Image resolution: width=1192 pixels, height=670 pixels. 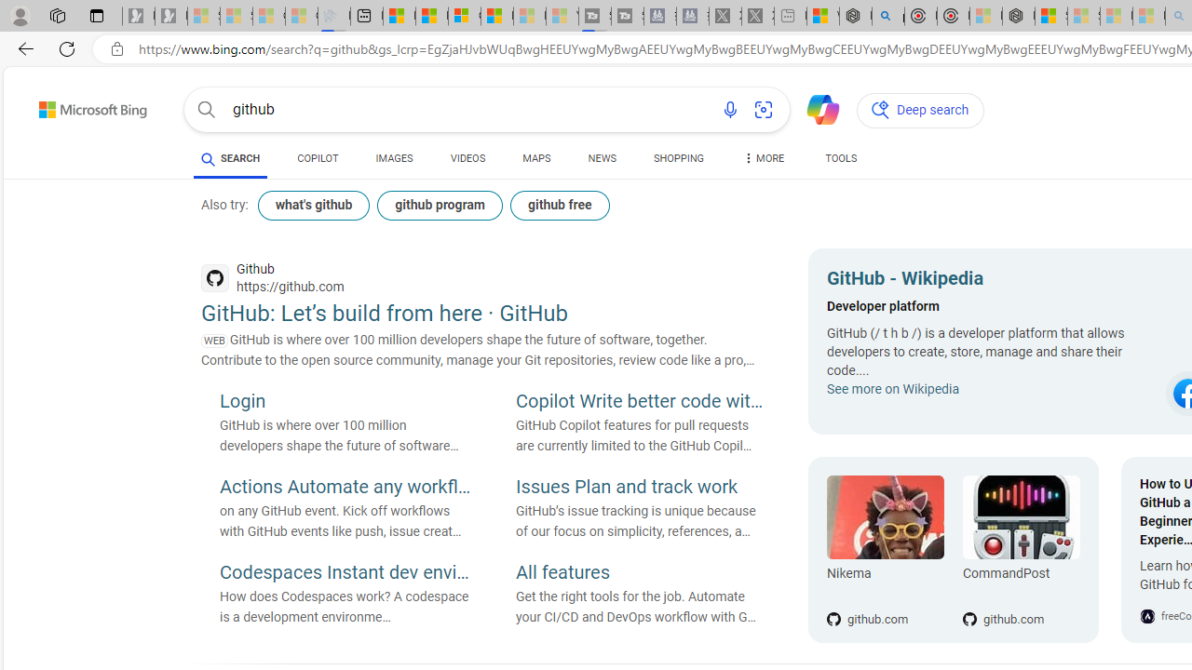 What do you see at coordinates (840, 158) in the screenshot?
I see `'TOOLS'` at bounding box center [840, 158].